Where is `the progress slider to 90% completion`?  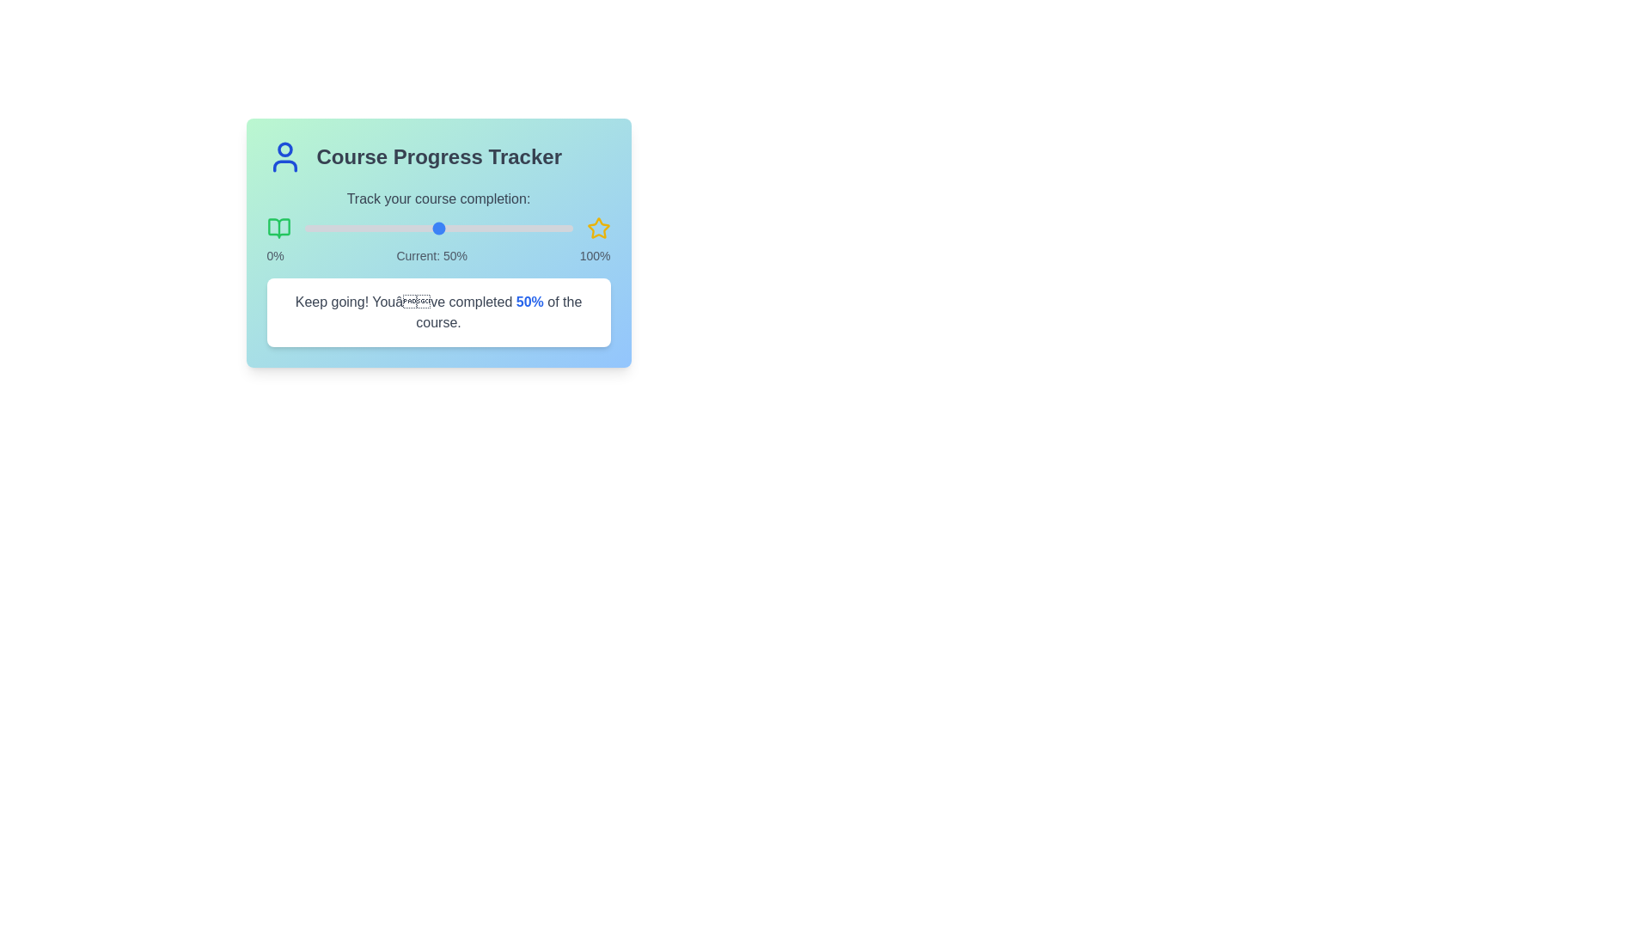 the progress slider to 90% completion is located at coordinates (545, 228).